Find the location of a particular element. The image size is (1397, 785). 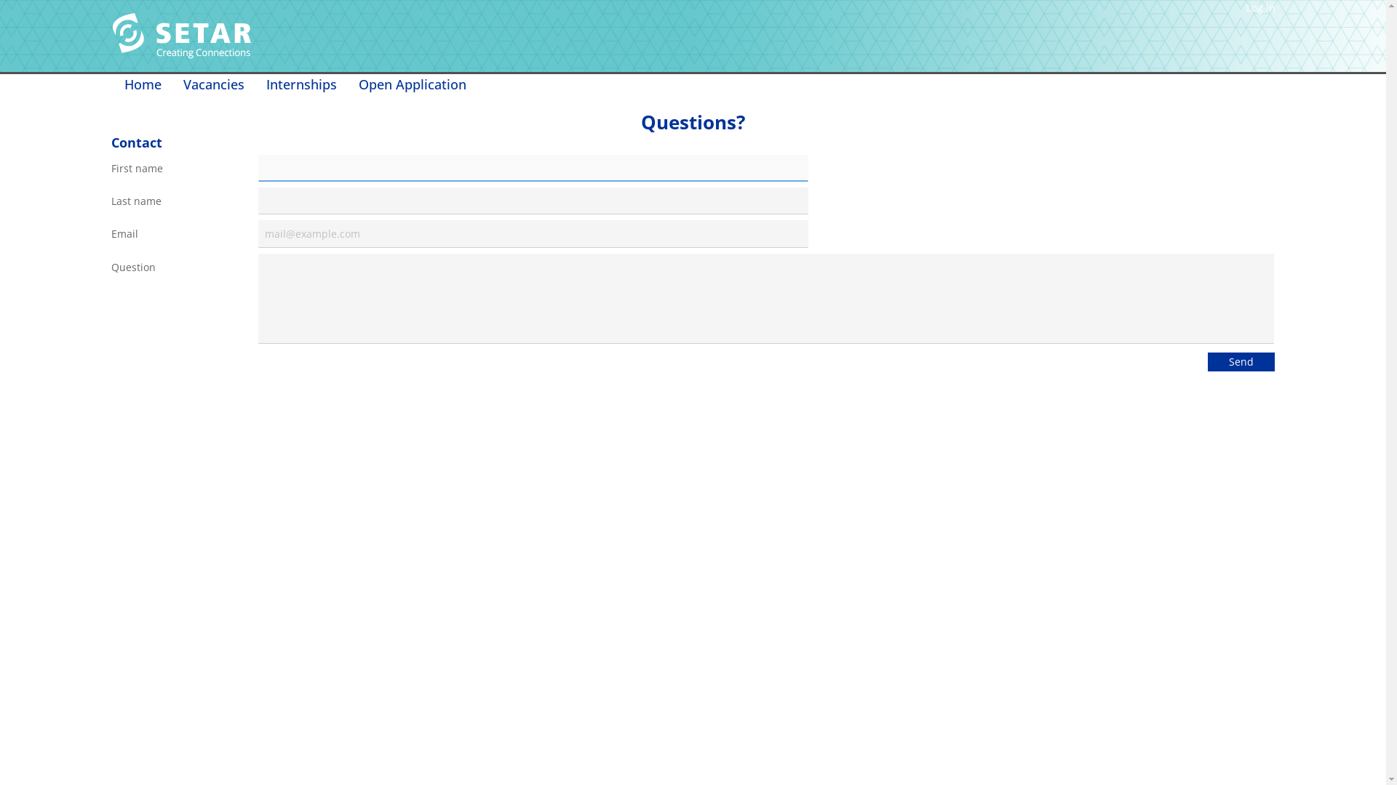

'Log in' is located at coordinates (1259, 8).